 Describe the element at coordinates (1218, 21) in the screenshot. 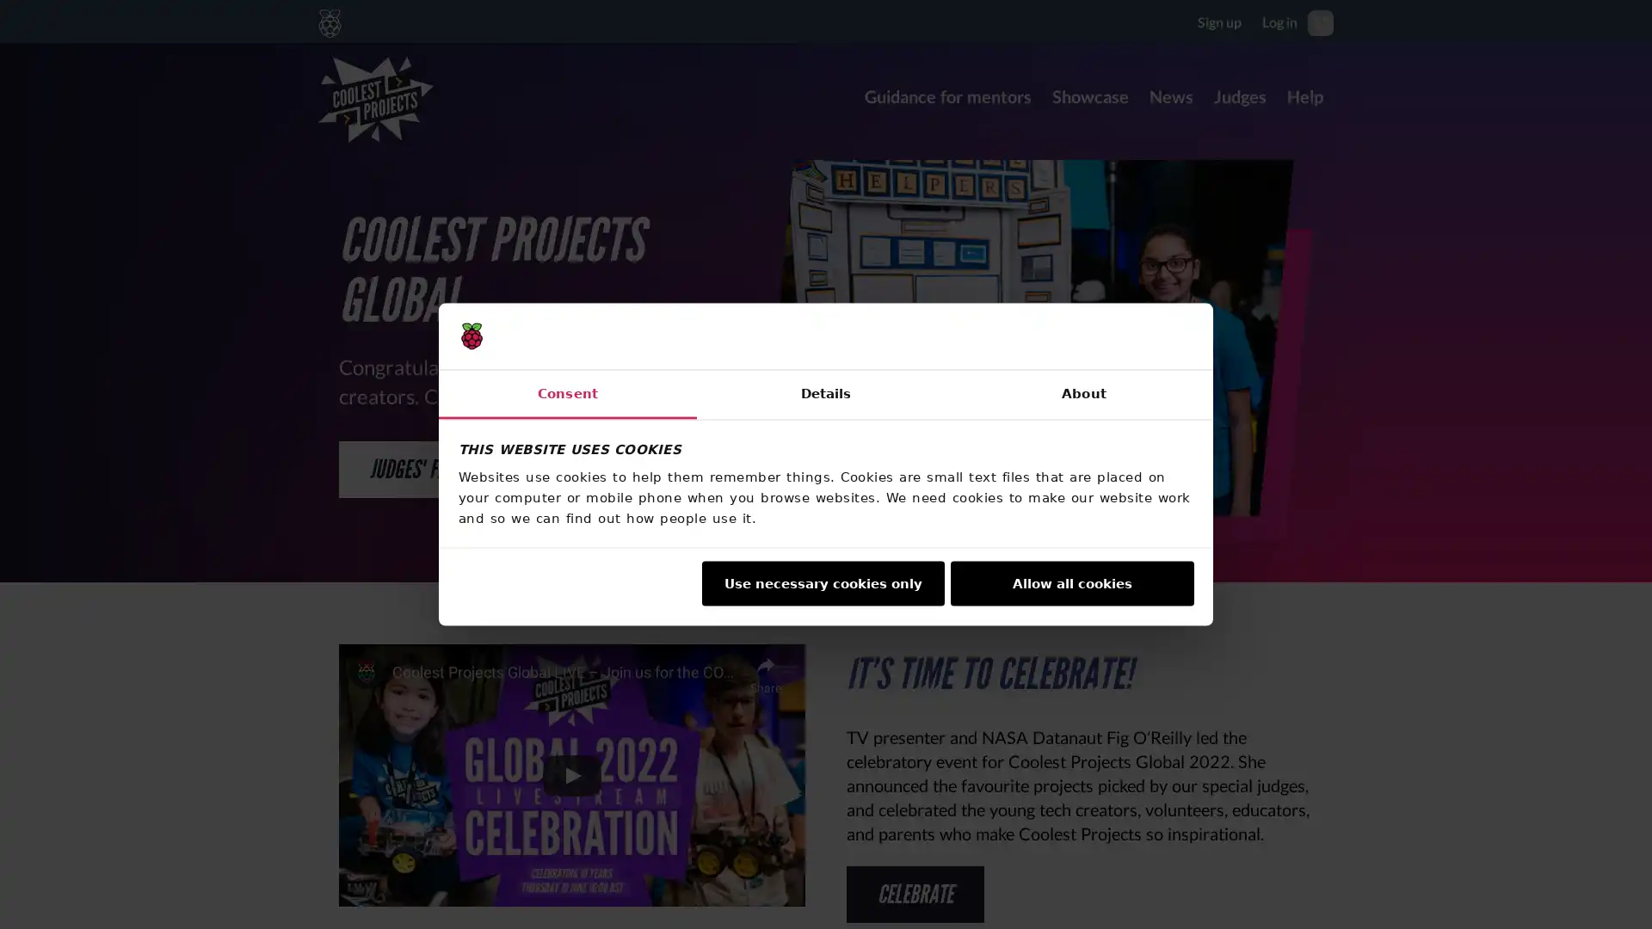

I see `Sign up` at that location.